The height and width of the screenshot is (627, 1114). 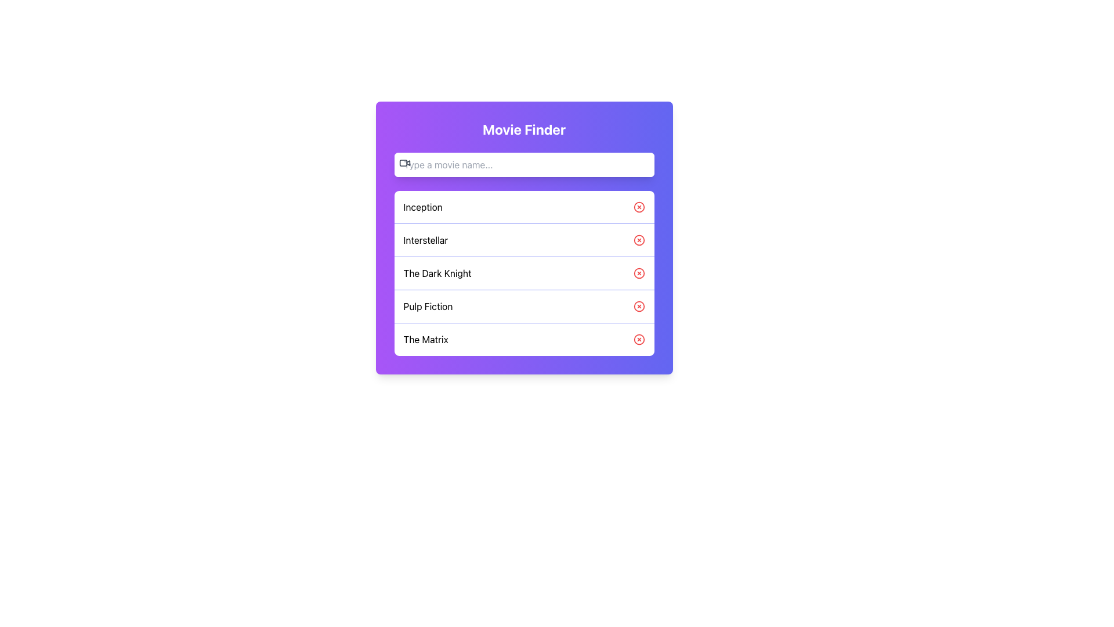 What do you see at coordinates (638, 239) in the screenshot?
I see `the Icon component (circular border) which is part of the delete button located in the rightmost section of the second row in the movie list` at bounding box center [638, 239].